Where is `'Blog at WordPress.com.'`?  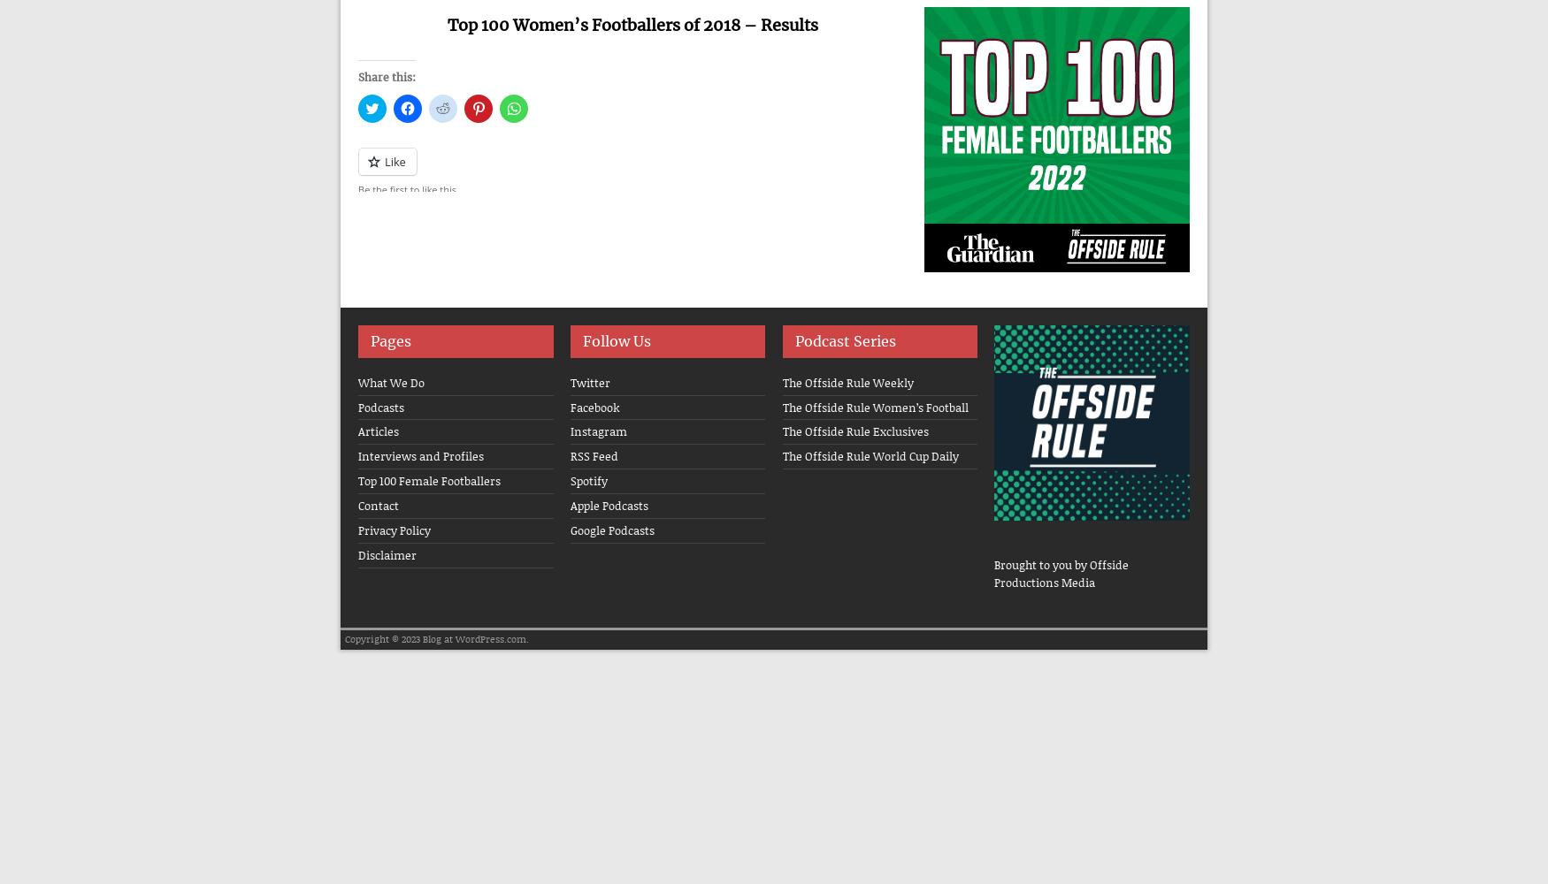
'Blog at WordPress.com.' is located at coordinates (474, 638).